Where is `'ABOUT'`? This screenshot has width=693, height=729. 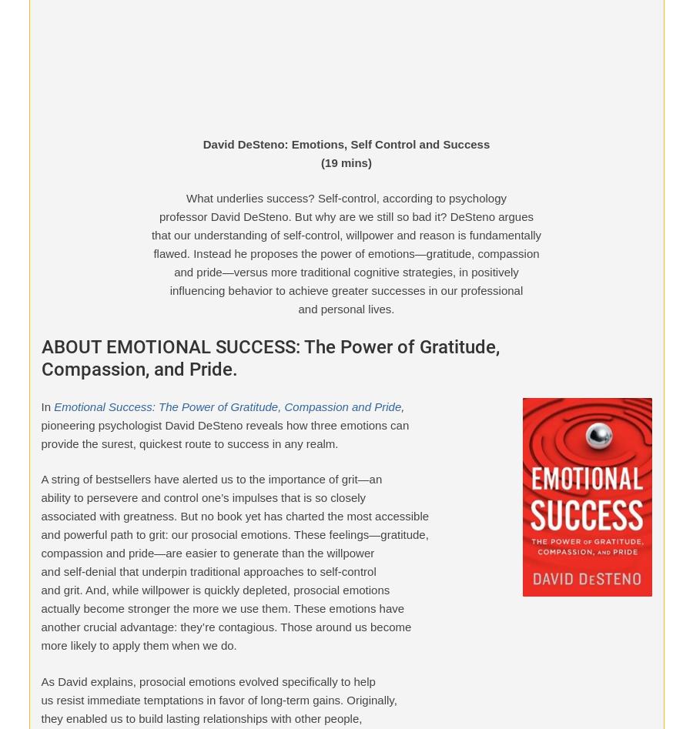 'ABOUT' is located at coordinates (27, 691).